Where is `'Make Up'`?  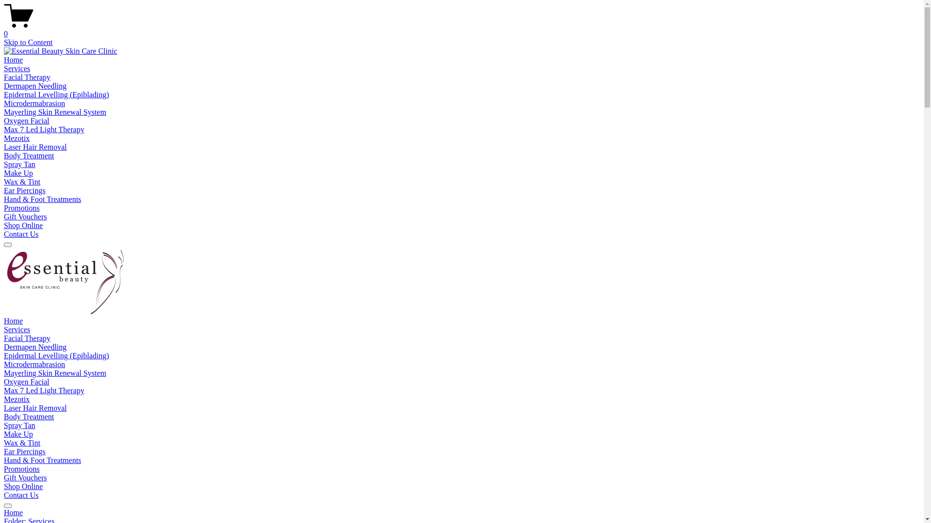
'Make Up' is located at coordinates (18, 172).